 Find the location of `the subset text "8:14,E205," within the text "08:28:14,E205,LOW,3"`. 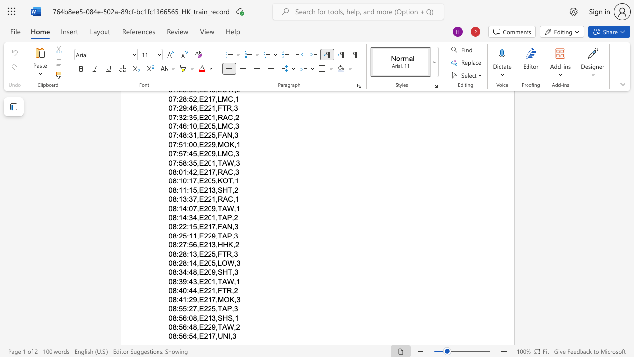

the subset text "8:14,E205," within the text "08:28:14,E205,LOW,3" is located at coordinates (183, 263).